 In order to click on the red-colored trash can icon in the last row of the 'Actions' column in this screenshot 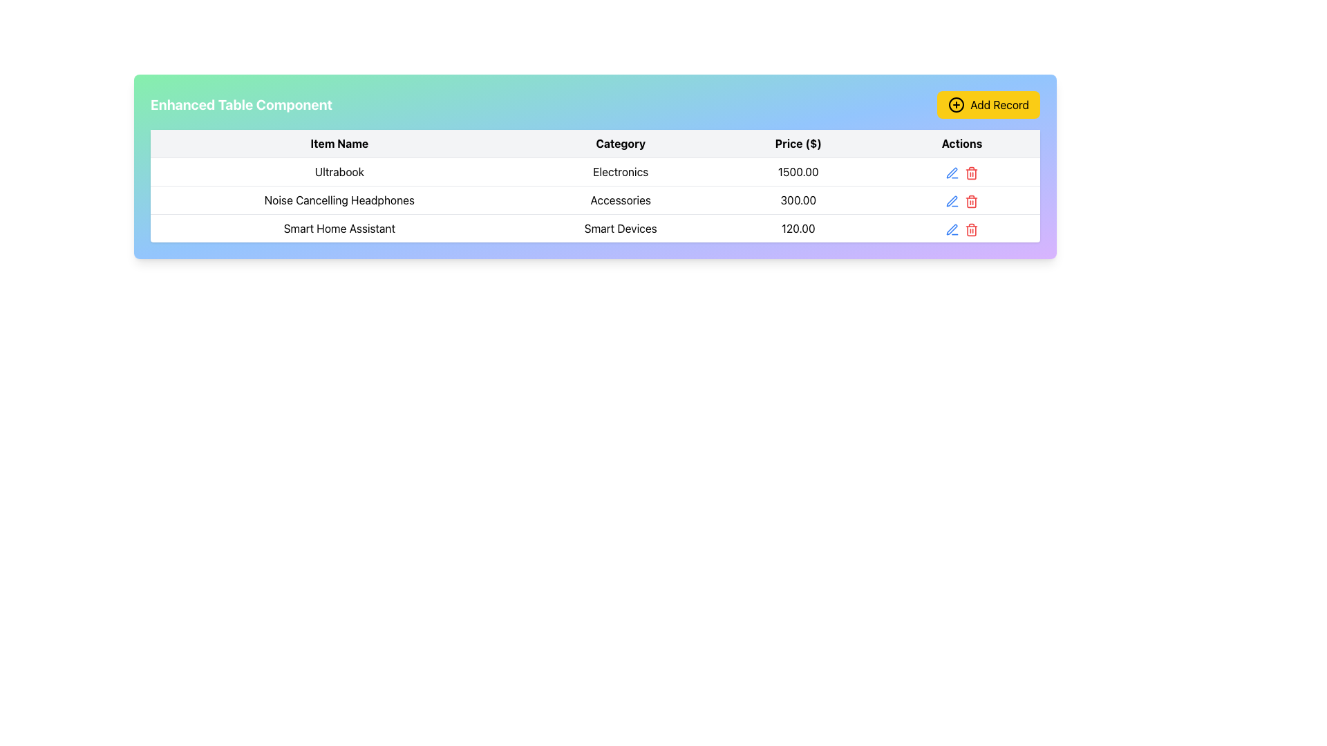, I will do `click(970, 229)`.